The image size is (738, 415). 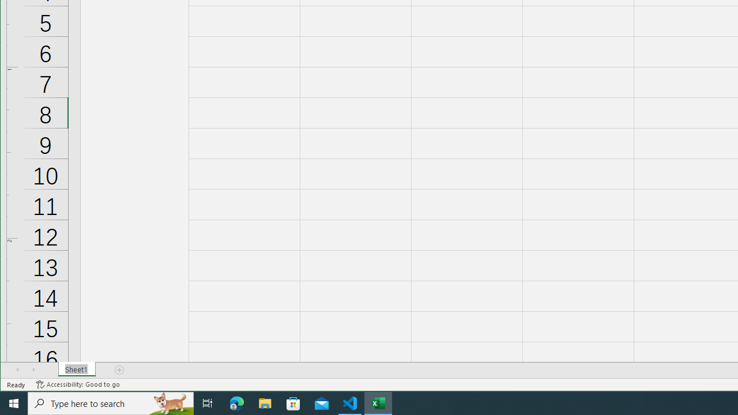 What do you see at coordinates (236, 402) in the screenshot?
I see `'Microsoft Edge'` at bounding box center [236, 402].